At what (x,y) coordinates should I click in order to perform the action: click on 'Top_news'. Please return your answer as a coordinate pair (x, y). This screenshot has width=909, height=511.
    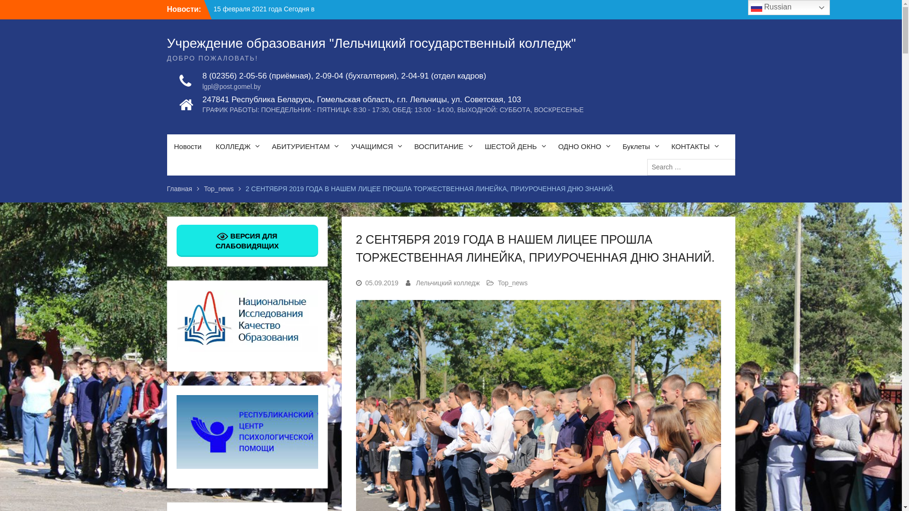
    Looking at the image, I should click on (218, 188).